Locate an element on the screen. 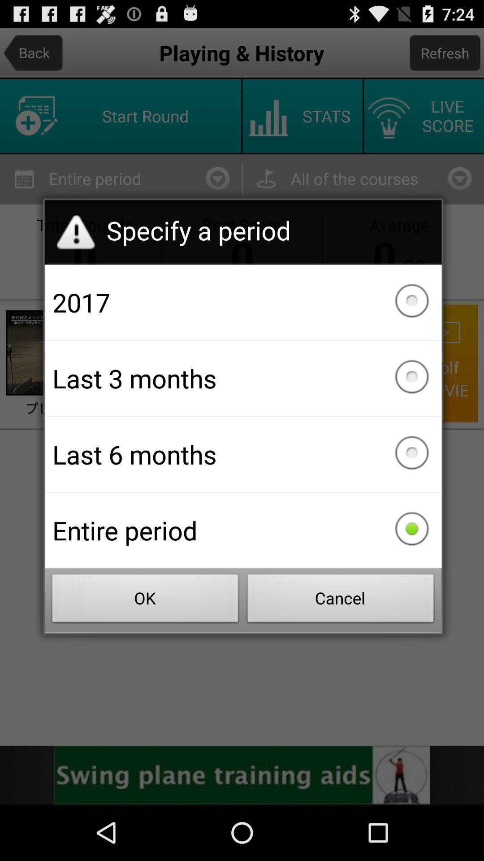 The height and width of the screenshot is (861, 484). the button to the right of the ok is located at coordinates (341, 601).